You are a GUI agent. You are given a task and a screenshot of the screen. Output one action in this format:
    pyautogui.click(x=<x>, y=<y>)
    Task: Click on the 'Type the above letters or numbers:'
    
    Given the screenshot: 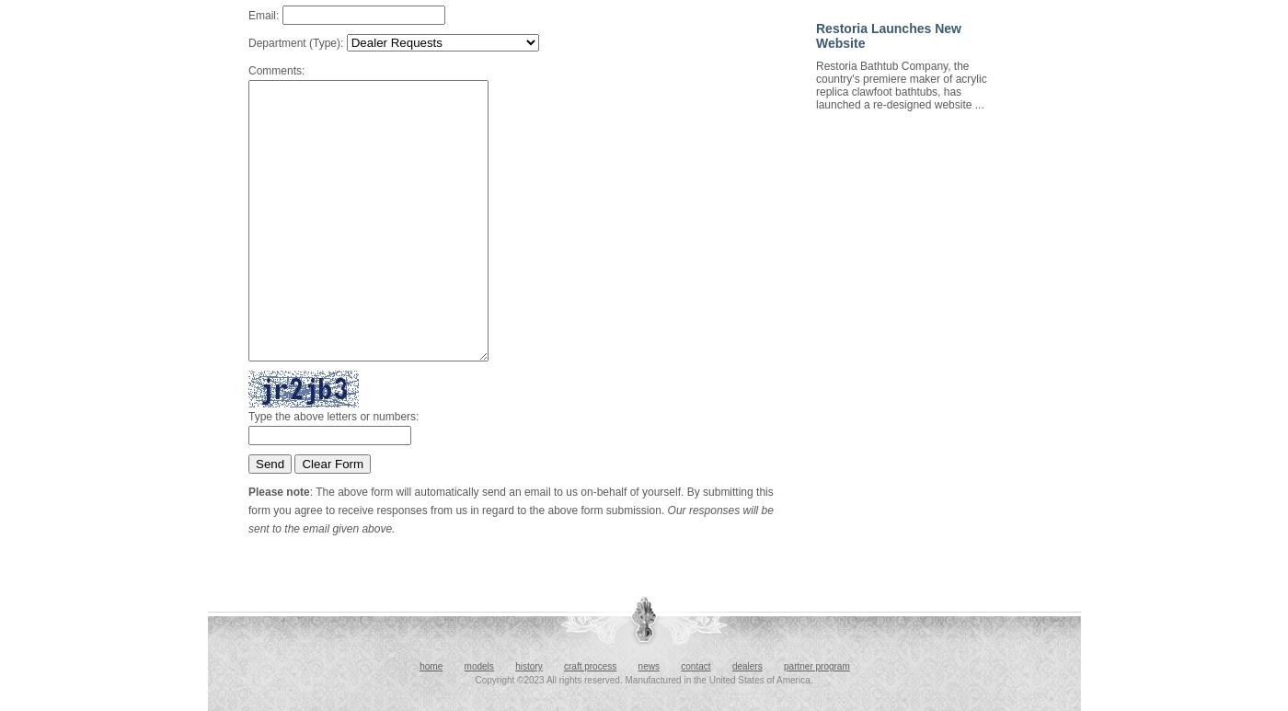 What is the action you would take?
    pyautogui.click(x=333, y=416)
    